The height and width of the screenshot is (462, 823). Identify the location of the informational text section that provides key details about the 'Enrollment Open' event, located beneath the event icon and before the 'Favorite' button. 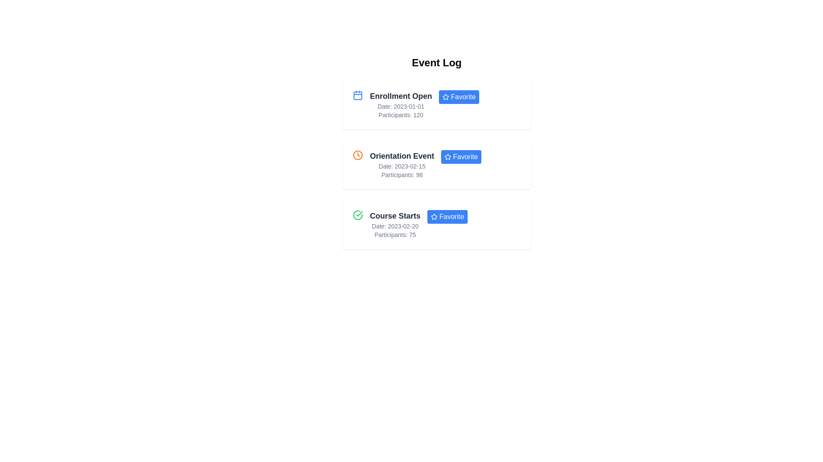
(400, 104).